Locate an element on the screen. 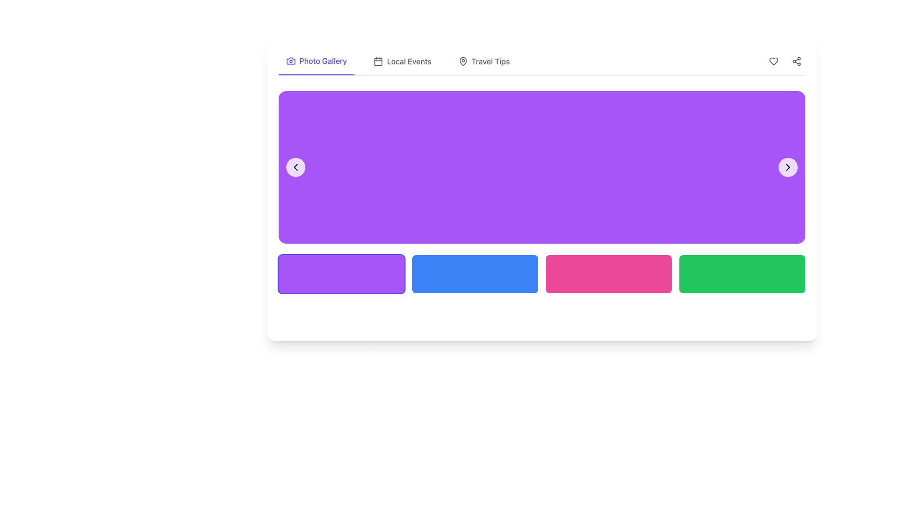 This screenshot has width=916, height=515. text label 'Travel Tips' located at the rightmost side of the horizontal menu, next to the map pin icon is located at coordinates (490, 61).